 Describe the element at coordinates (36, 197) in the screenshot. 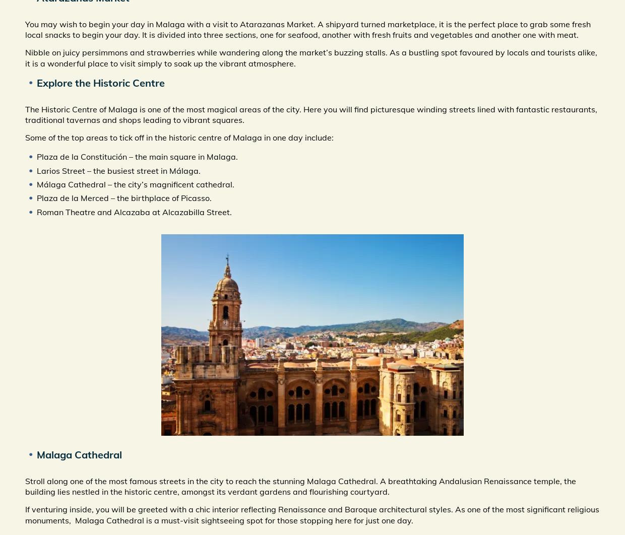

I see `'Plaza de la Merced – the birthplace of Picasso.'` at that location.